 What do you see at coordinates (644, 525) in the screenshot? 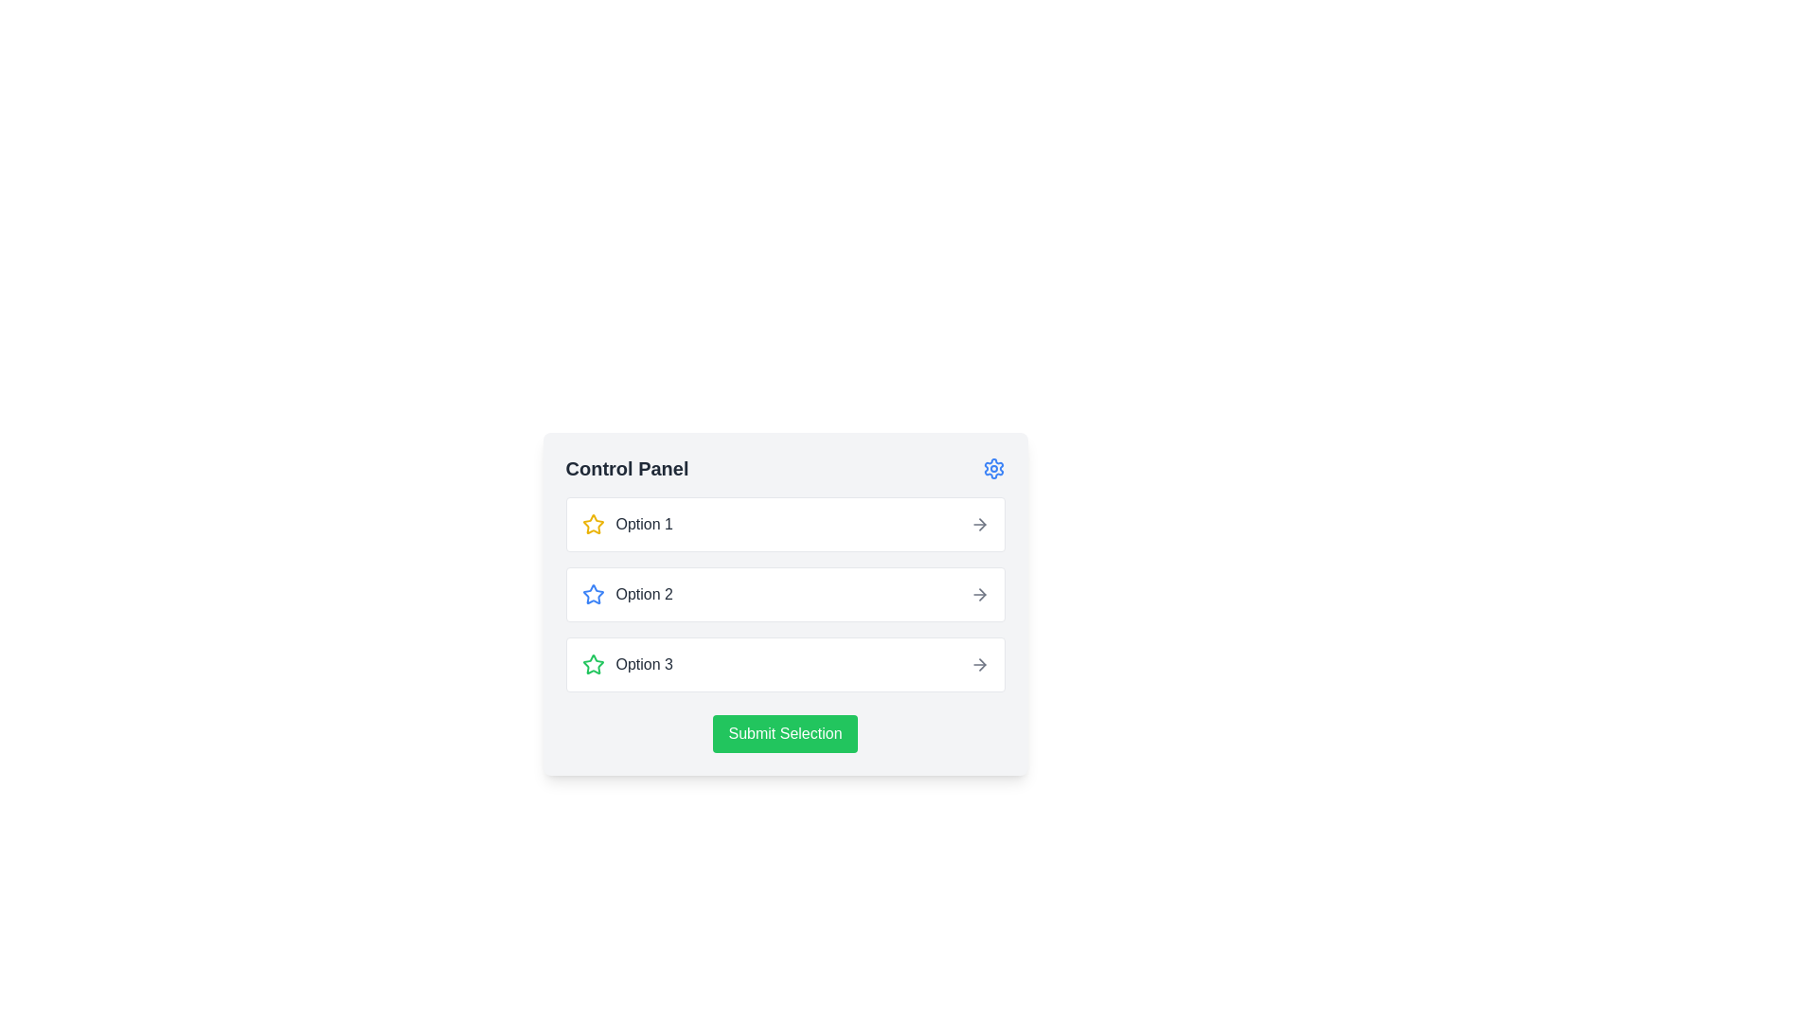
I see `the text label for the first selectable option in the list, which is positioned in the first row and adjacent to the yellow star icon` at bounding box center [644, 525].